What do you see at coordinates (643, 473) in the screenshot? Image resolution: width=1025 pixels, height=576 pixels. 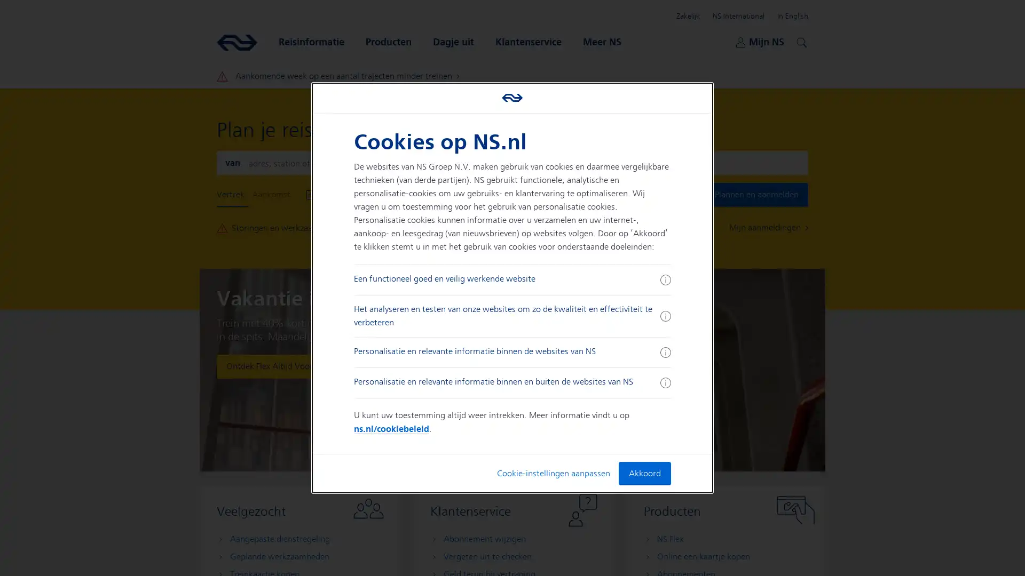 I see `Akkoord` at bounding box center [643, 473].